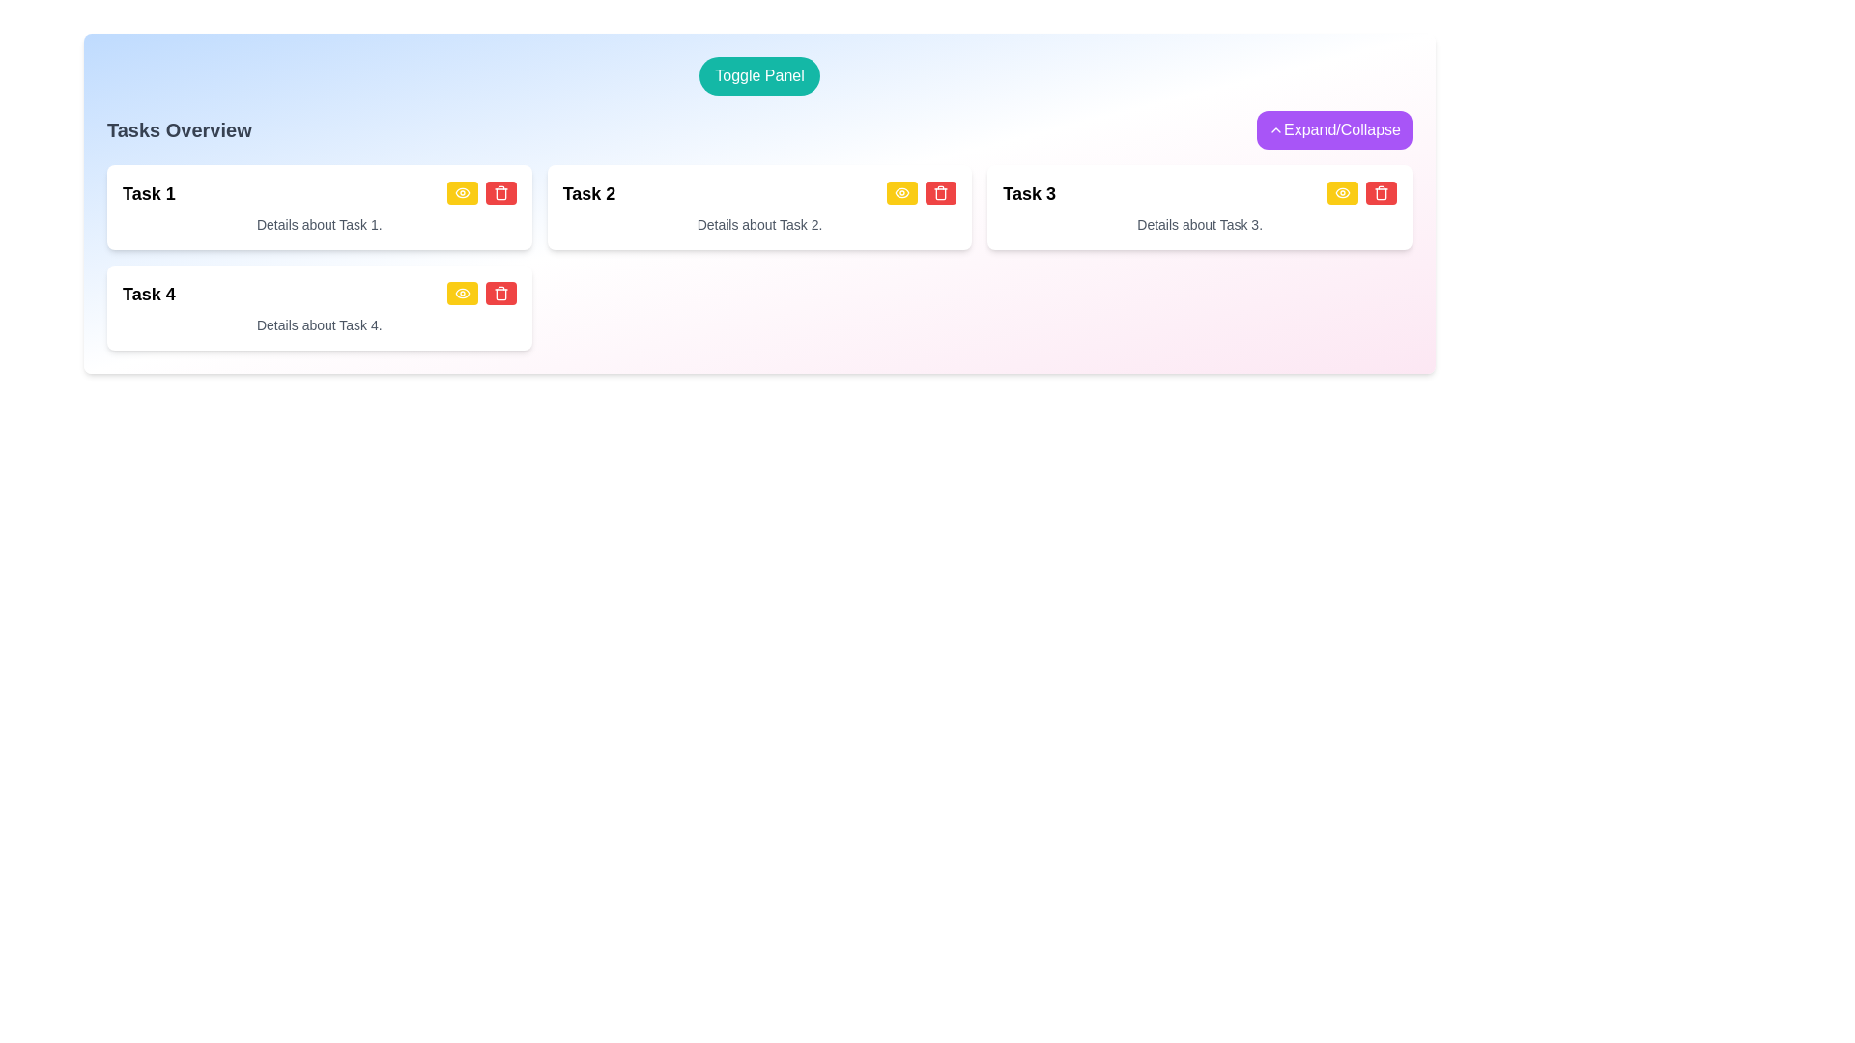  I want to click on the red trash icon located inside the 'Task 4' card, which is next to a yellow eye icon and nested within a red button, so click(500, 293).